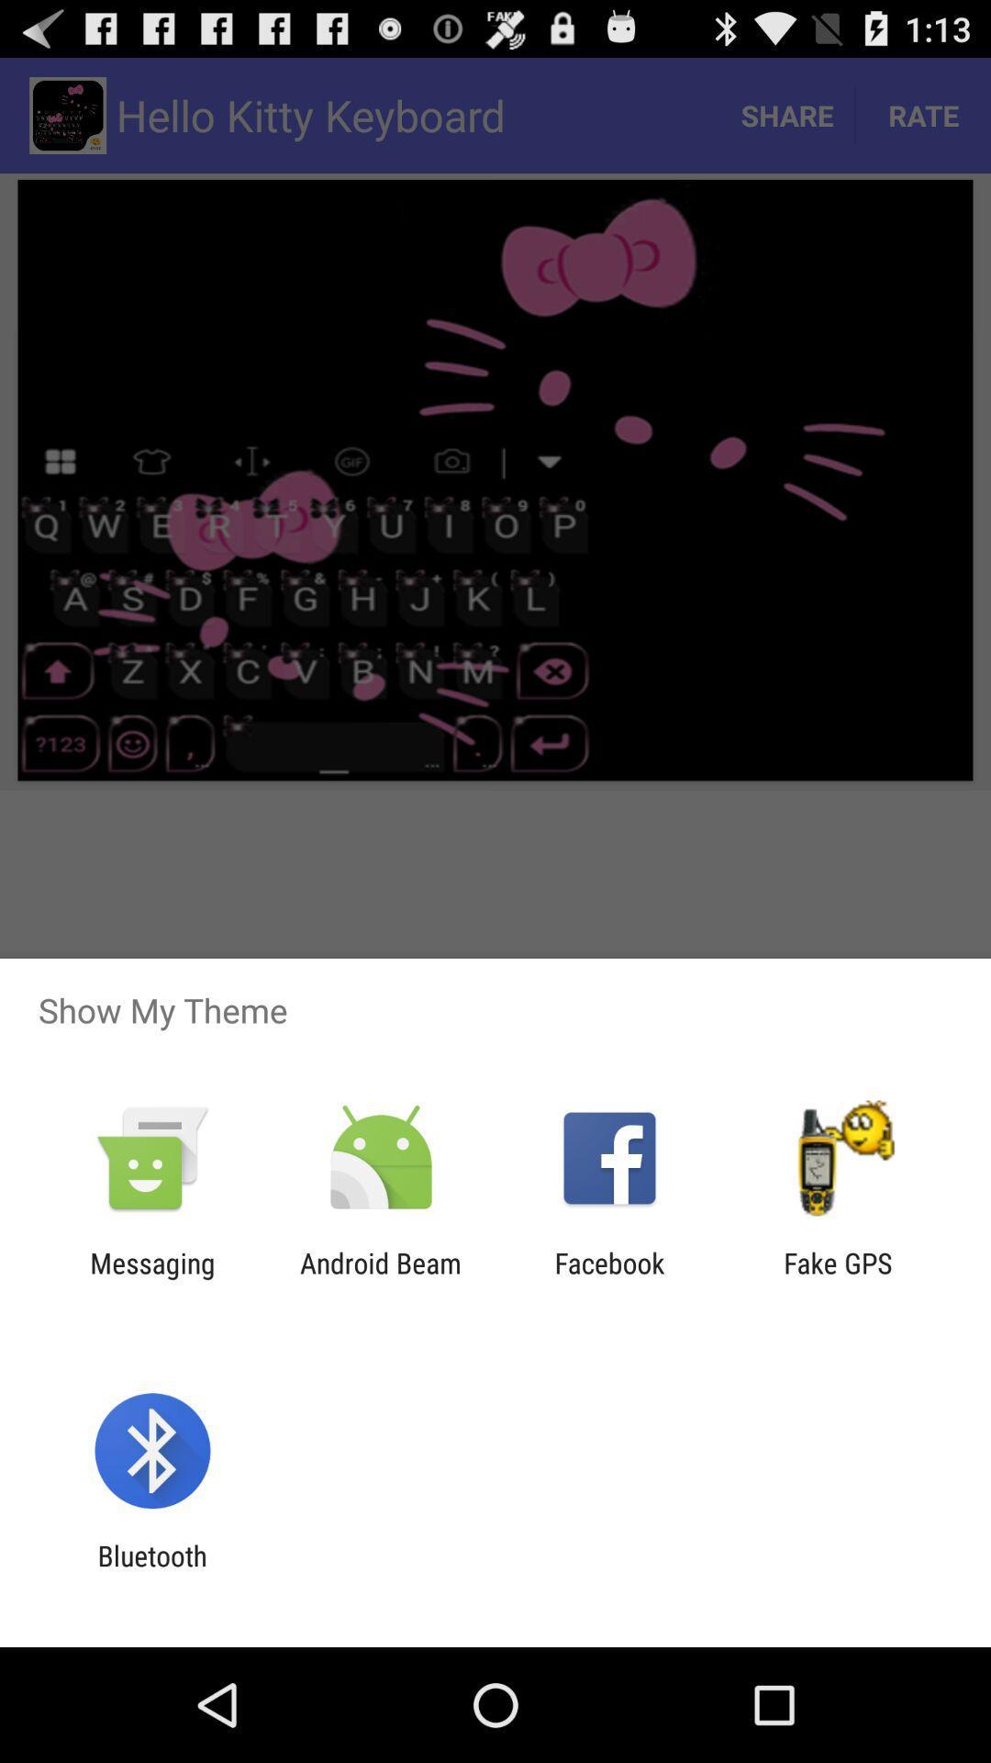 Image resolution: width=991 pixels, height=1763 pixels. What do you see at coordinates (151, 1278) in the screenshot?
I see `icon to the left of android beam` at bounding box center [151, 1278].